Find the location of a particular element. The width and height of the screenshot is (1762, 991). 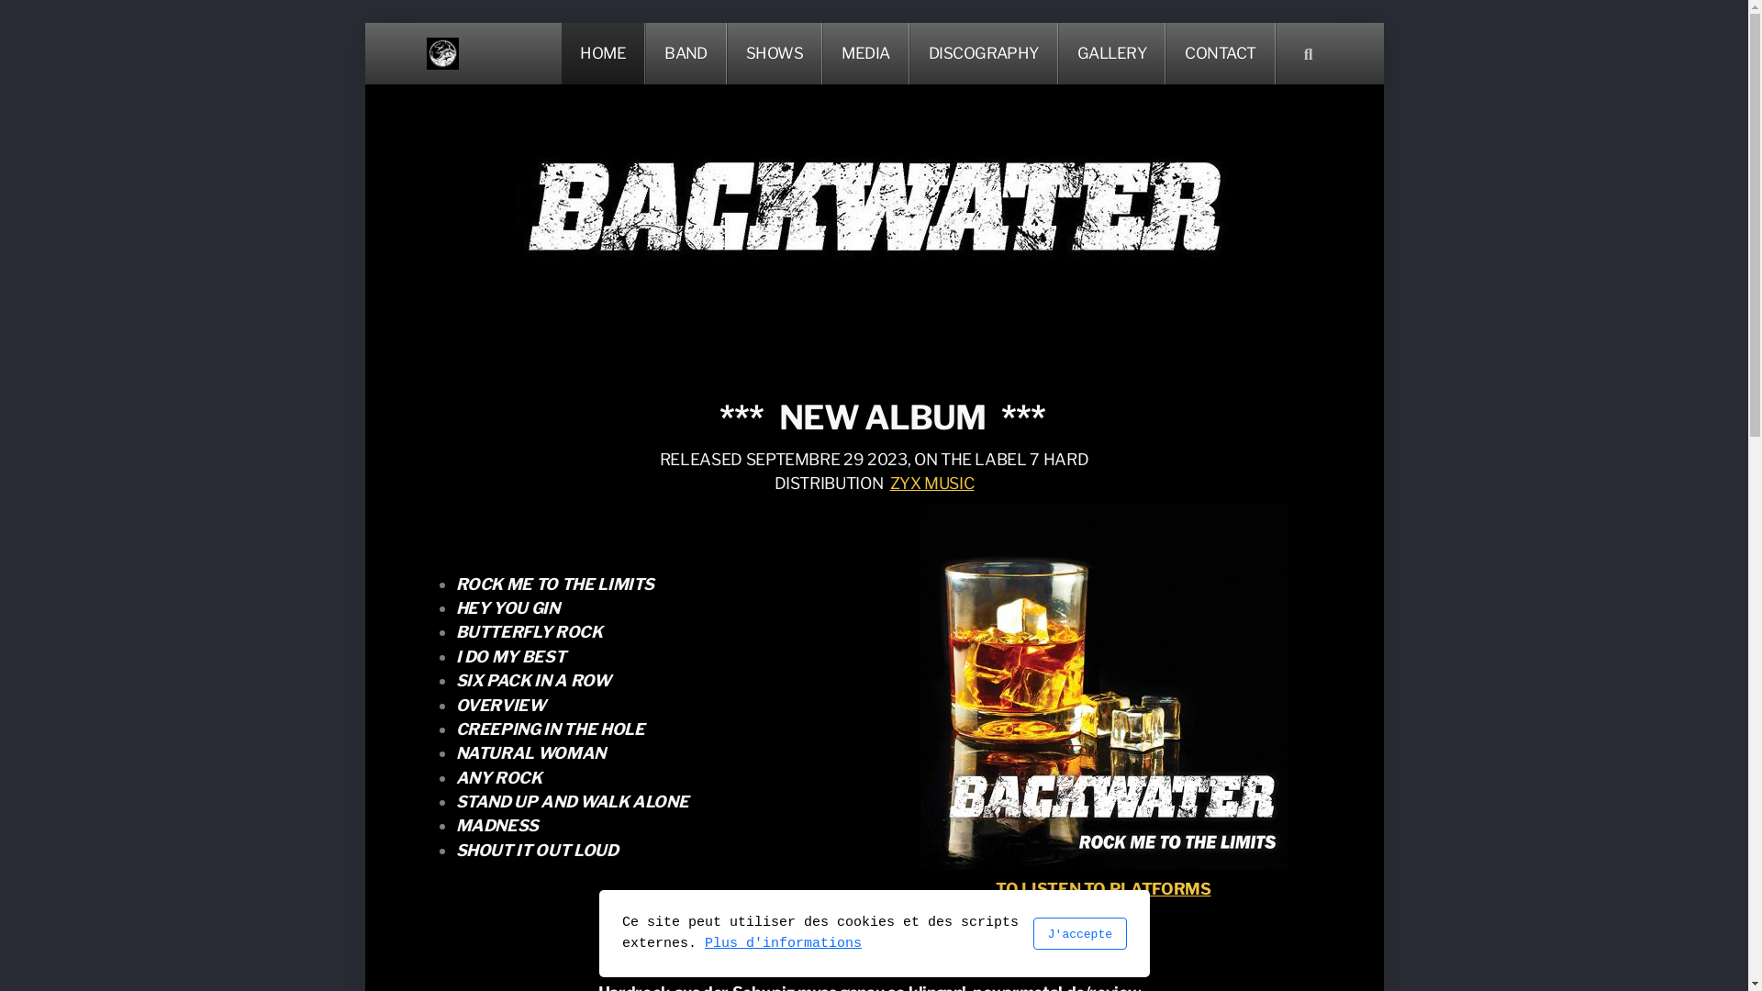

'TO LISTEN TO PLATFORMS' is located at coordinates (994, 887).